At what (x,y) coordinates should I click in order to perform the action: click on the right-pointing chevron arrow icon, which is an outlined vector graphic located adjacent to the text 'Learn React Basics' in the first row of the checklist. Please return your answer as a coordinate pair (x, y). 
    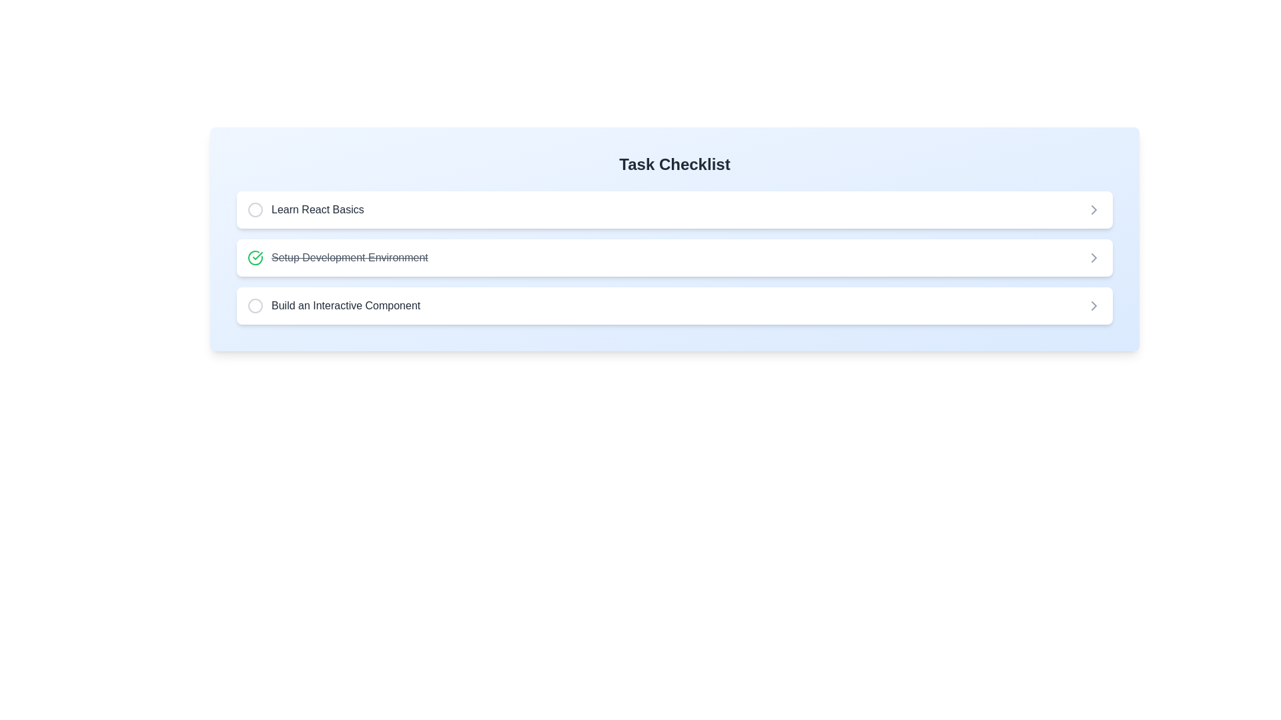
    Looking at the image, I should click on (1094, 210).